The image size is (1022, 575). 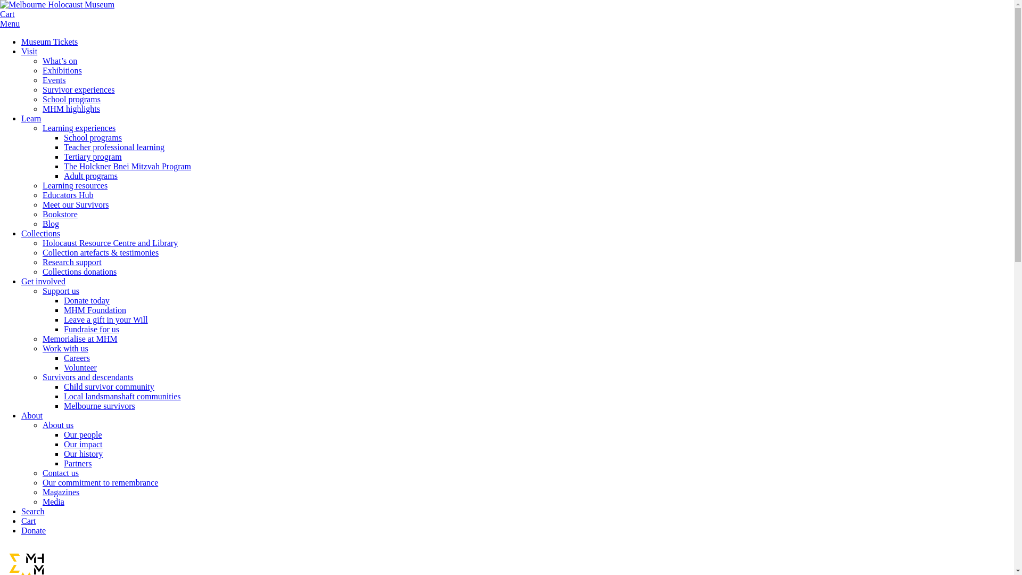 I want to click on 'Our history', so click(x=63, y=454).